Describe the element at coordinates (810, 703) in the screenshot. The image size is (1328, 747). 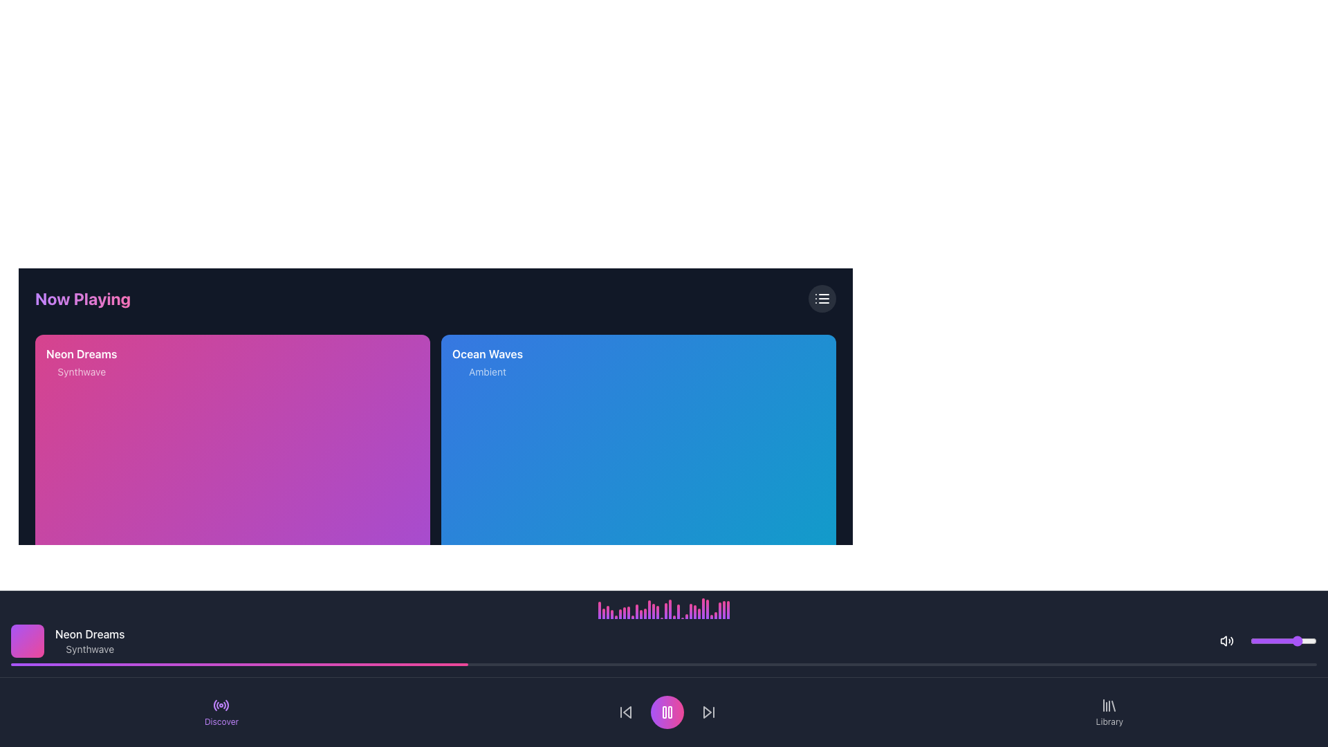
I see `the circular play button with a white background` at that location.